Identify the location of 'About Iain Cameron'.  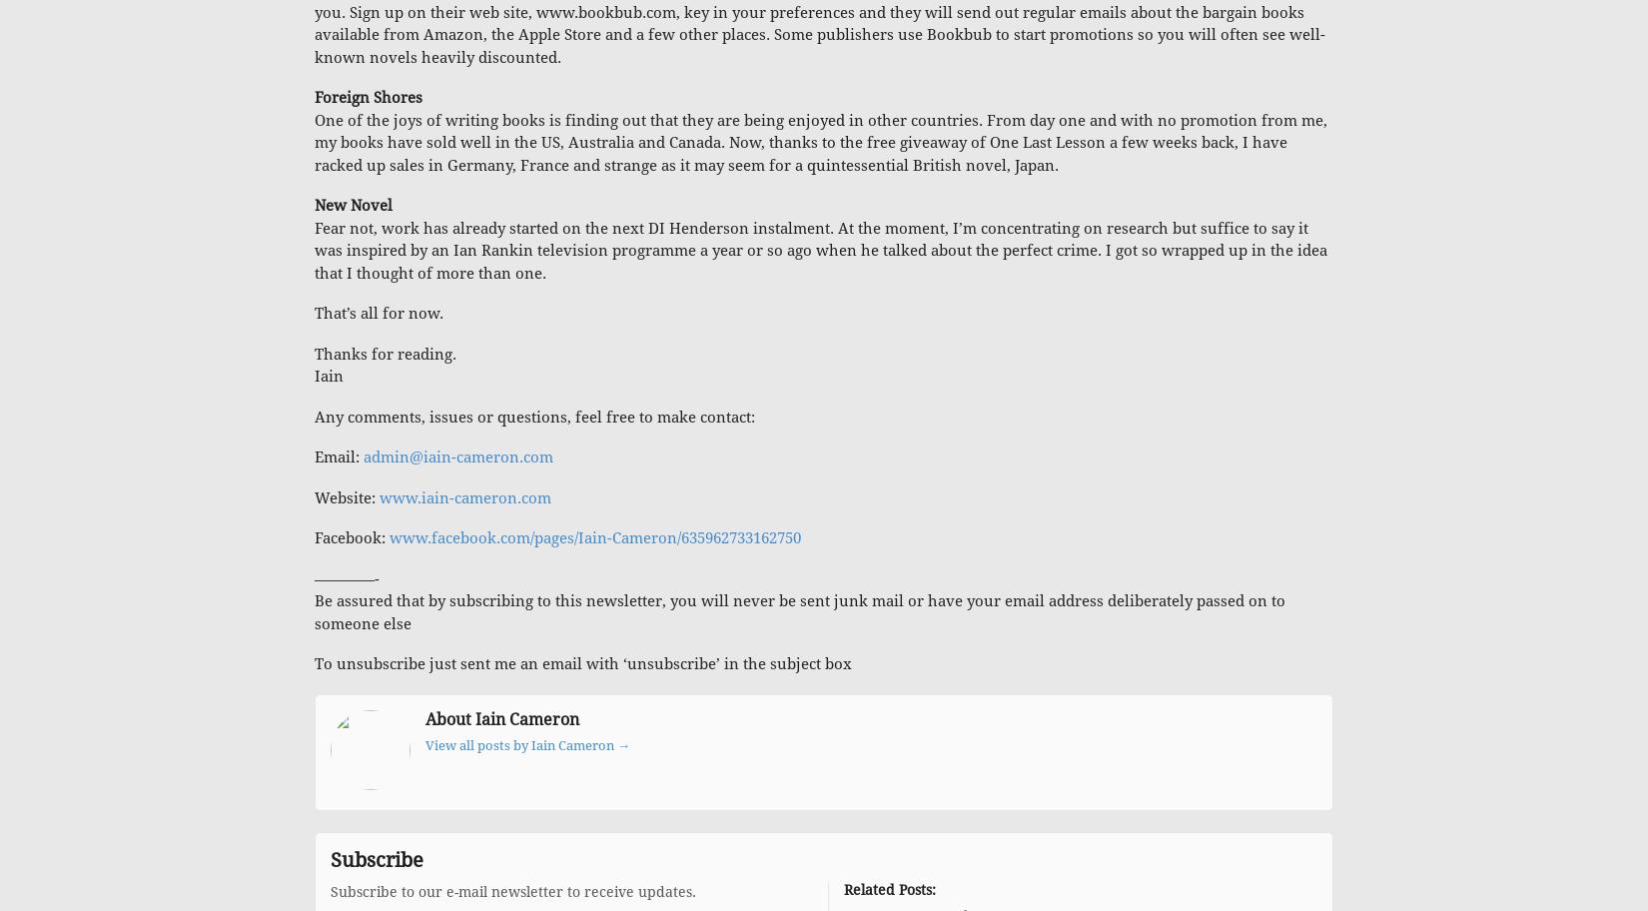
(500, 718).